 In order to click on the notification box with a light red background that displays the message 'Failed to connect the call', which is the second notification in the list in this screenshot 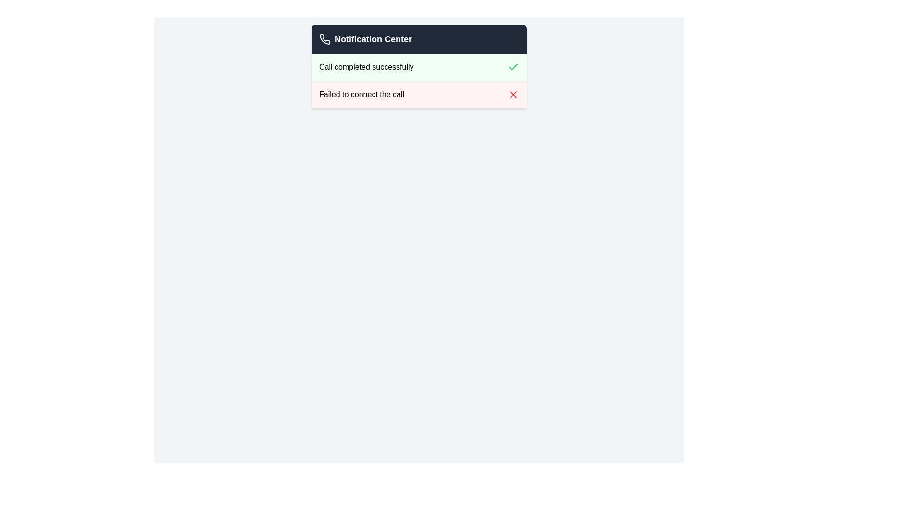, I will do `click(419, 94)`.